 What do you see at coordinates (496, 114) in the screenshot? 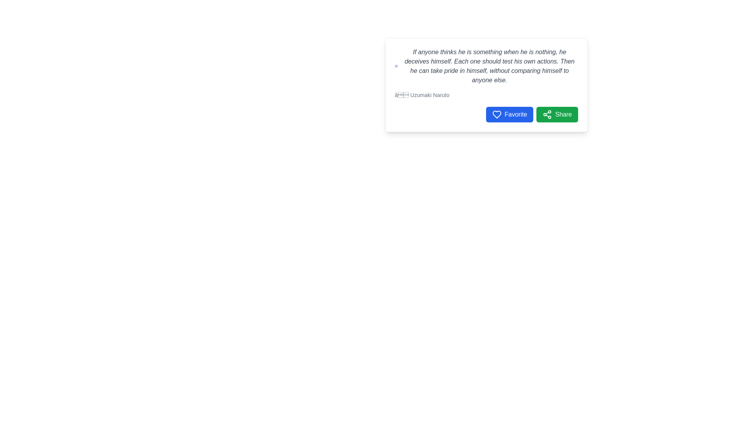
I see `the heart icon with a blue outline located in the bottom-right corner of the card` at bounding box center [496, 114].